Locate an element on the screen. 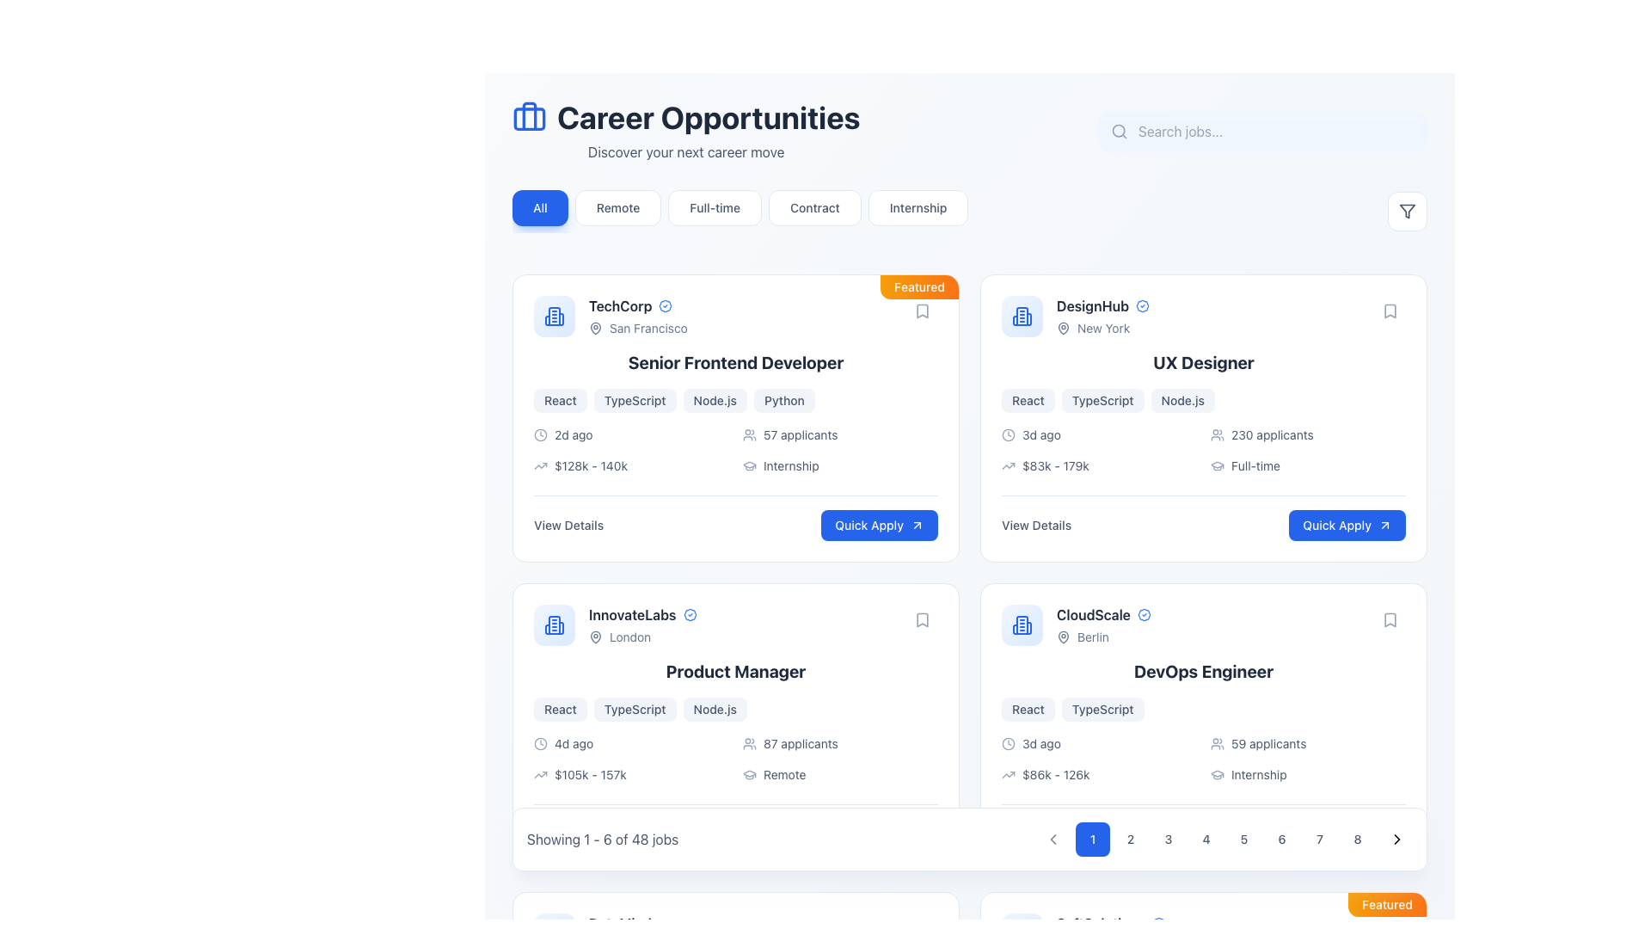 This screenshot has height=929, width=1651. the building icon within the InnovateLabs job listing card is located at coordinates (554, 624).